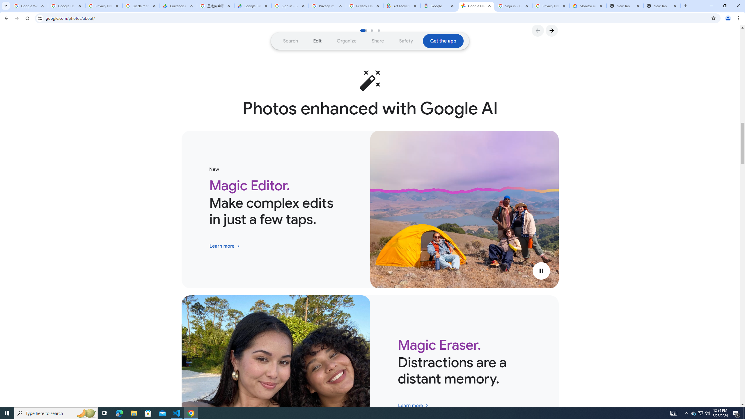 This screenshot has width=745, height=419. What do you see at coordinates (178, 6) in the screenshot?
I see `'Currencies - Google Finance'` at bounding box center [178, 6].